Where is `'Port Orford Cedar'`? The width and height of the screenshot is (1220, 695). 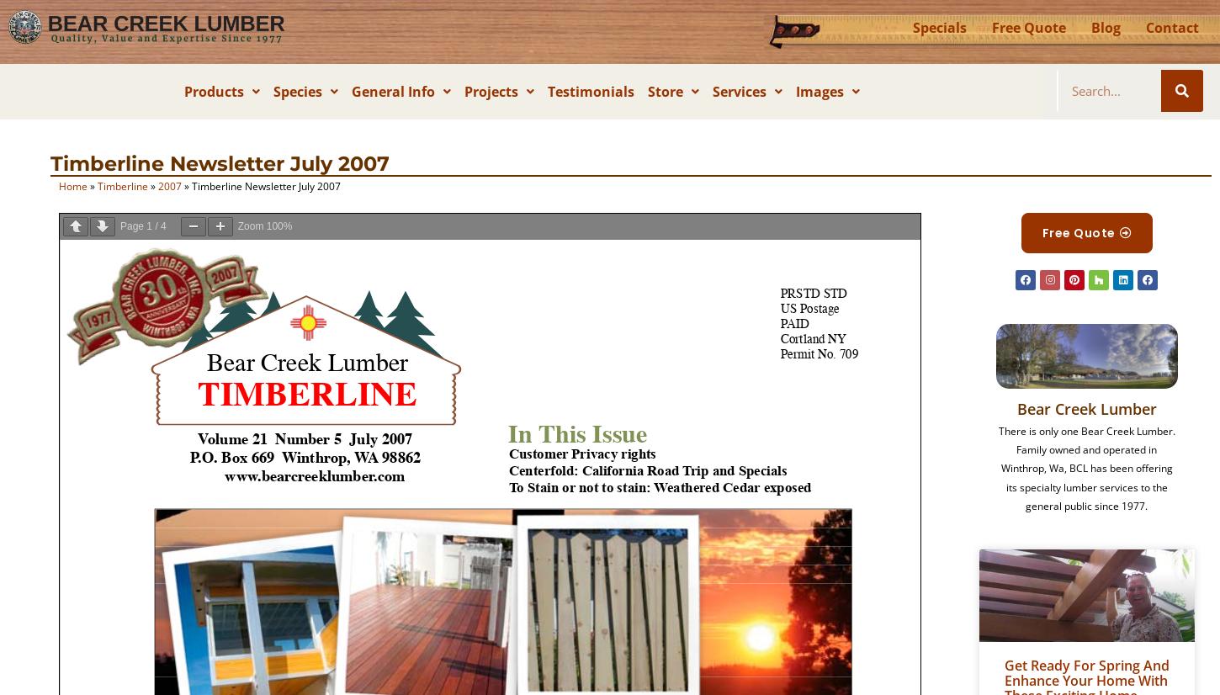
'Port Orford Cedar' is located at coordinates (352, 210).